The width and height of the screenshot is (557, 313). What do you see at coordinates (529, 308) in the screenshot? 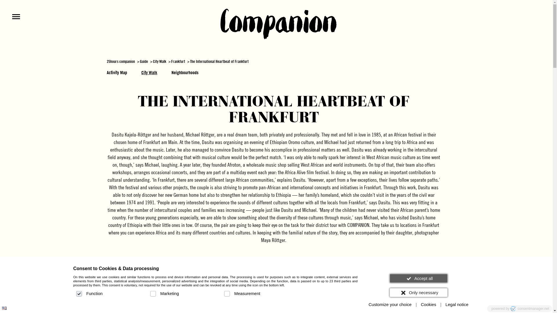
I see `'consentmanager.net'` at bounding box center [529, 308].